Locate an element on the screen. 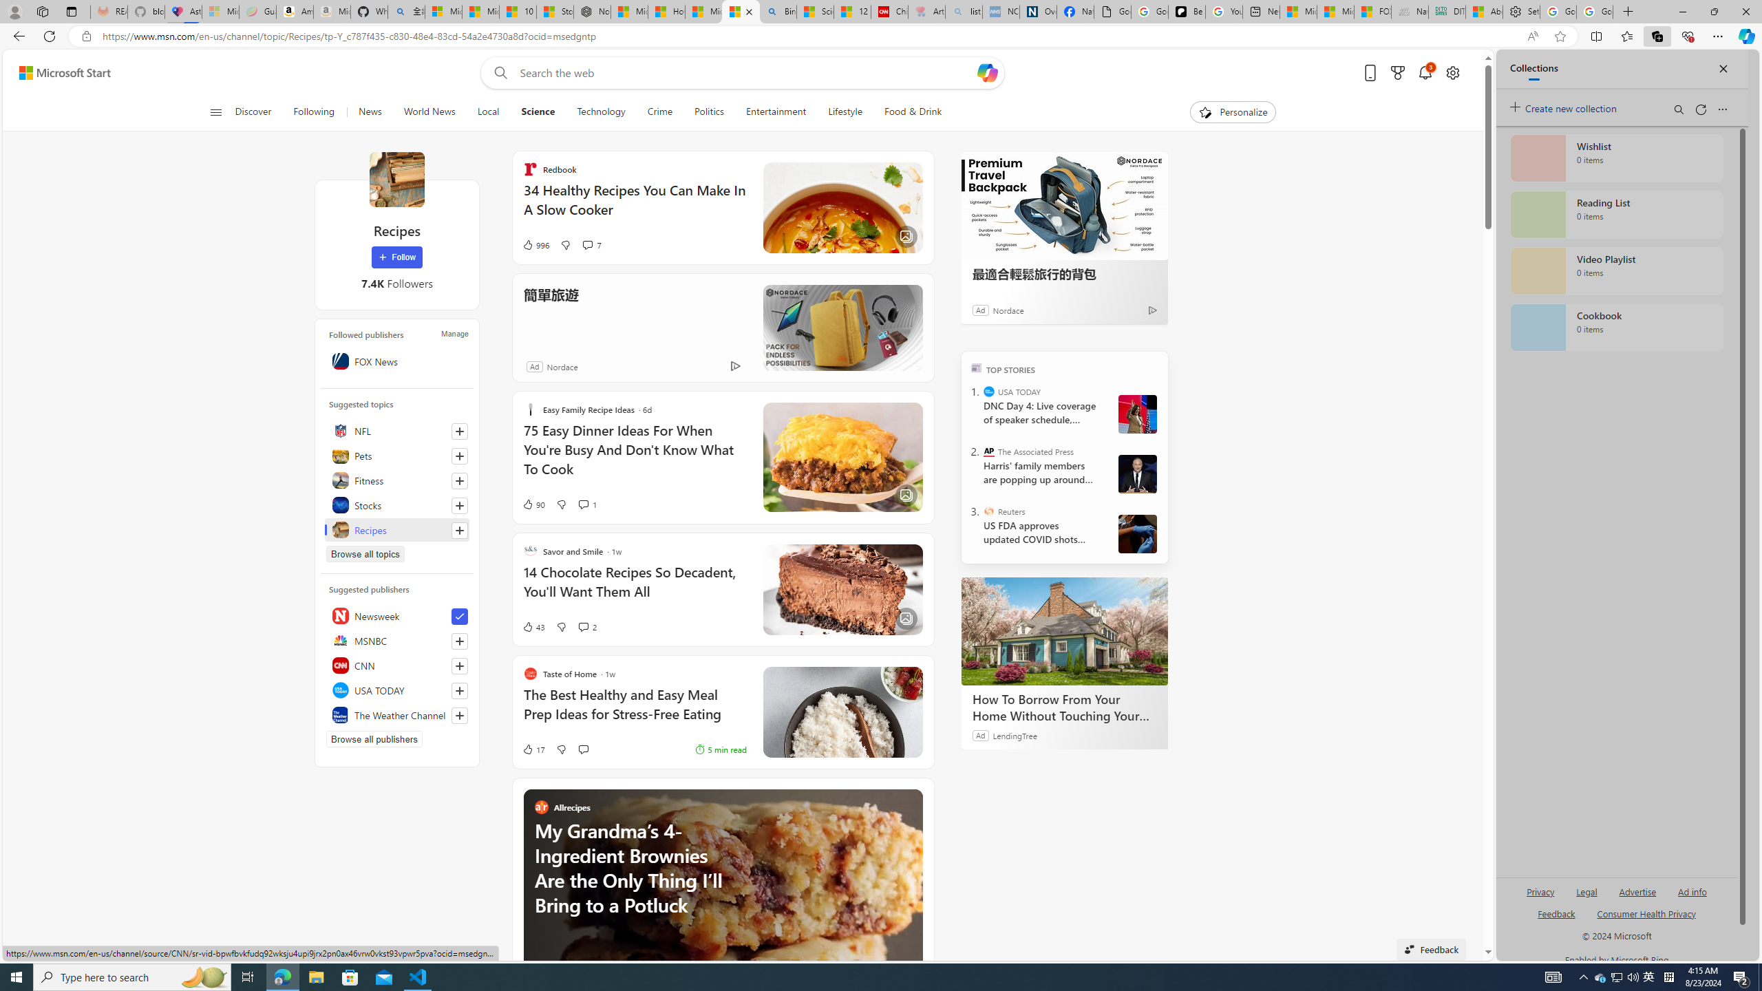  'Browse all topics' is located at coordinates (365, 553).